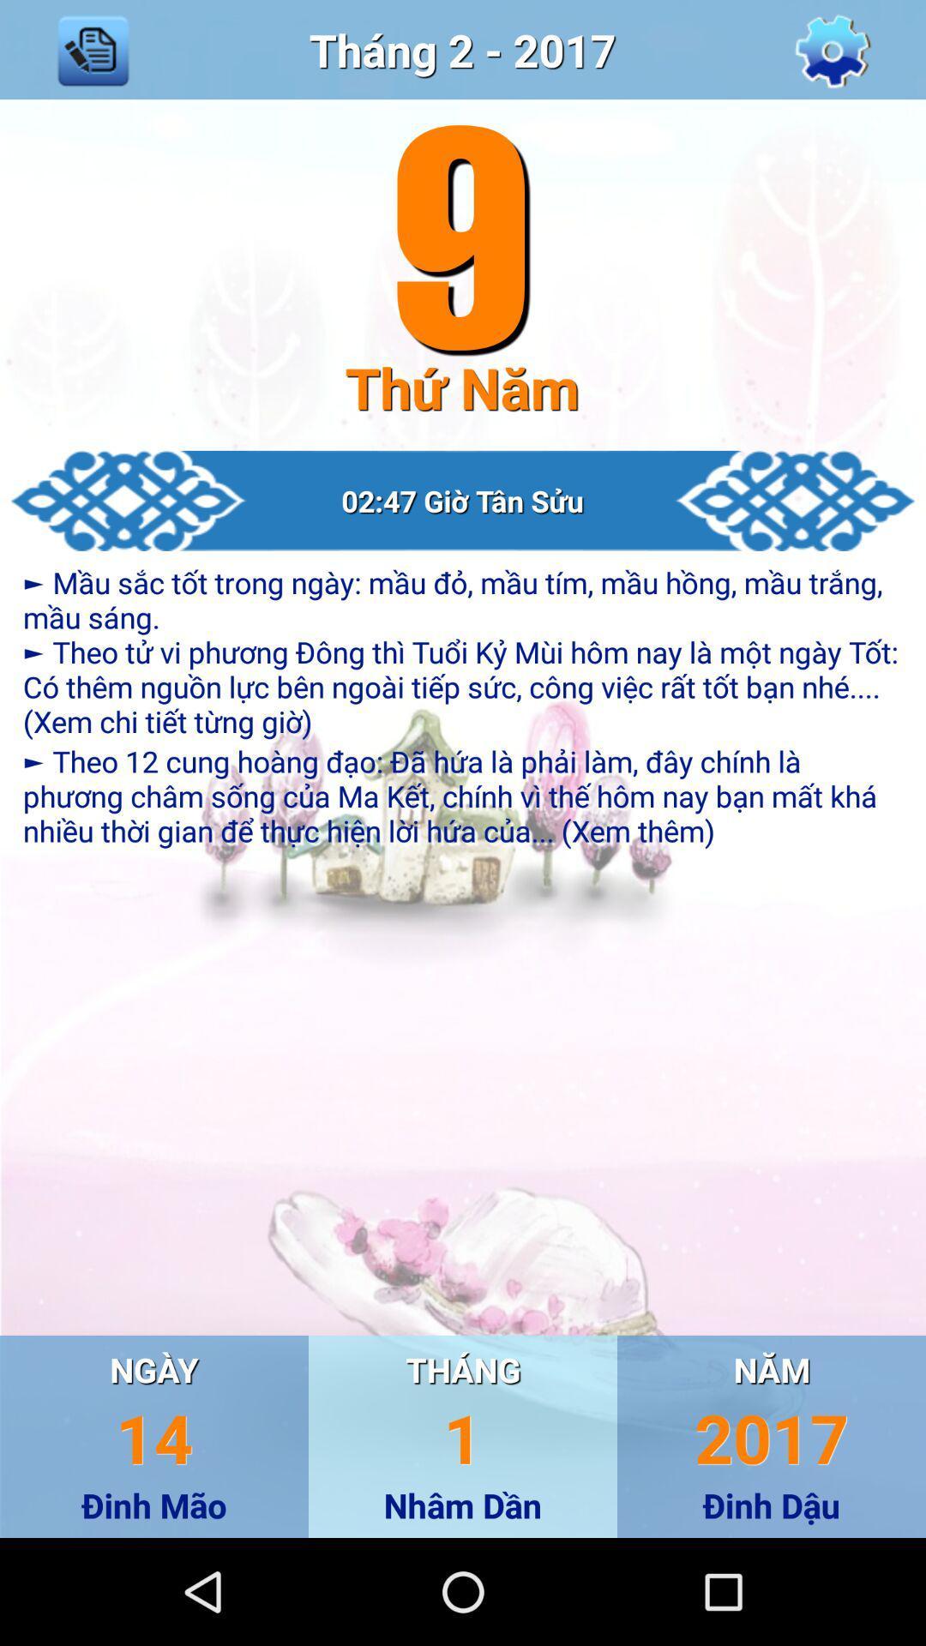  I want to click on the option settings on the top, so click(833, 49).